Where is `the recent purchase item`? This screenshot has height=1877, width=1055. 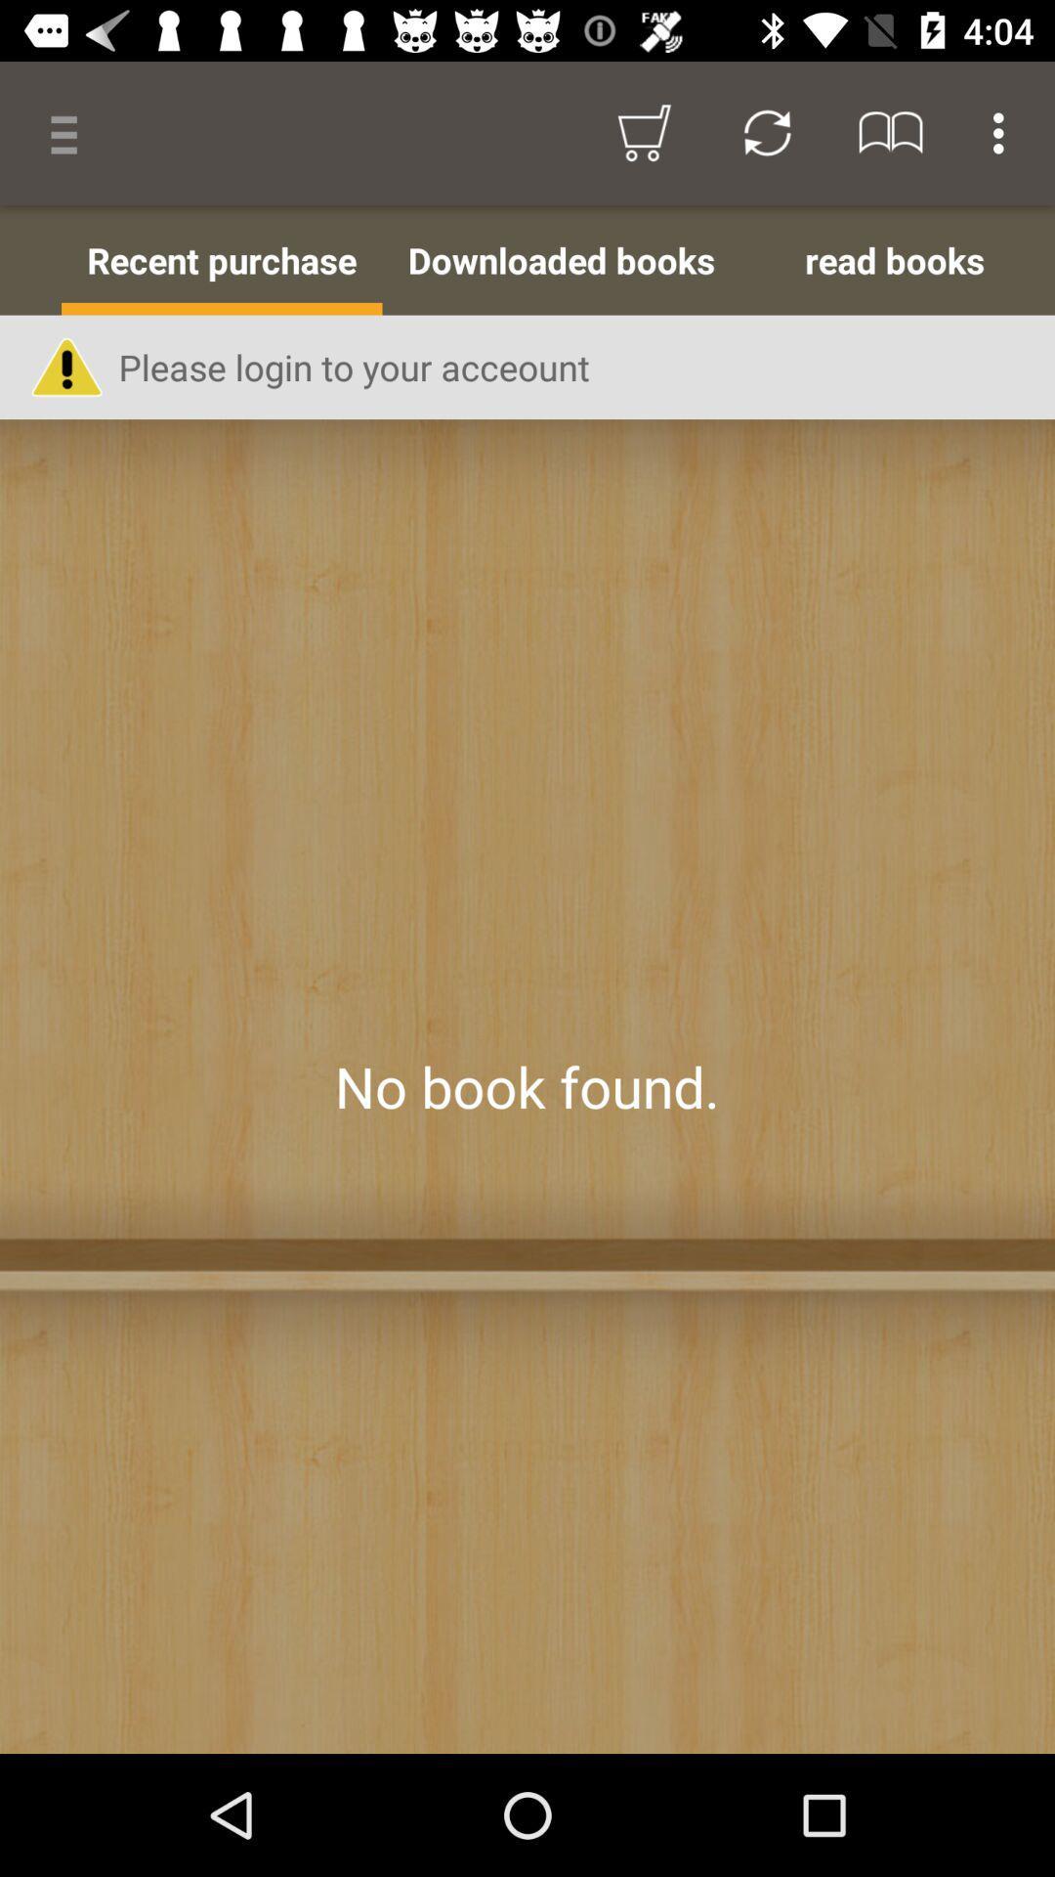 the recent purchase item is located at coordinates (221, 259).